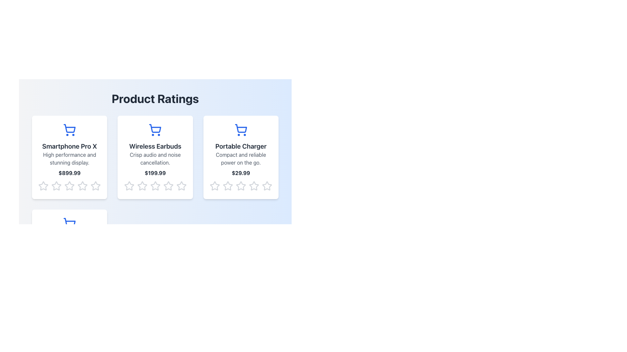  What do you see at coordinates (181, 186) in the screenshot?
I see `the fifth star-shaped rating icon, which is grayish and unselected, to rate the product under 'Wireless Earbuds'` at bounding box center [181, 186].